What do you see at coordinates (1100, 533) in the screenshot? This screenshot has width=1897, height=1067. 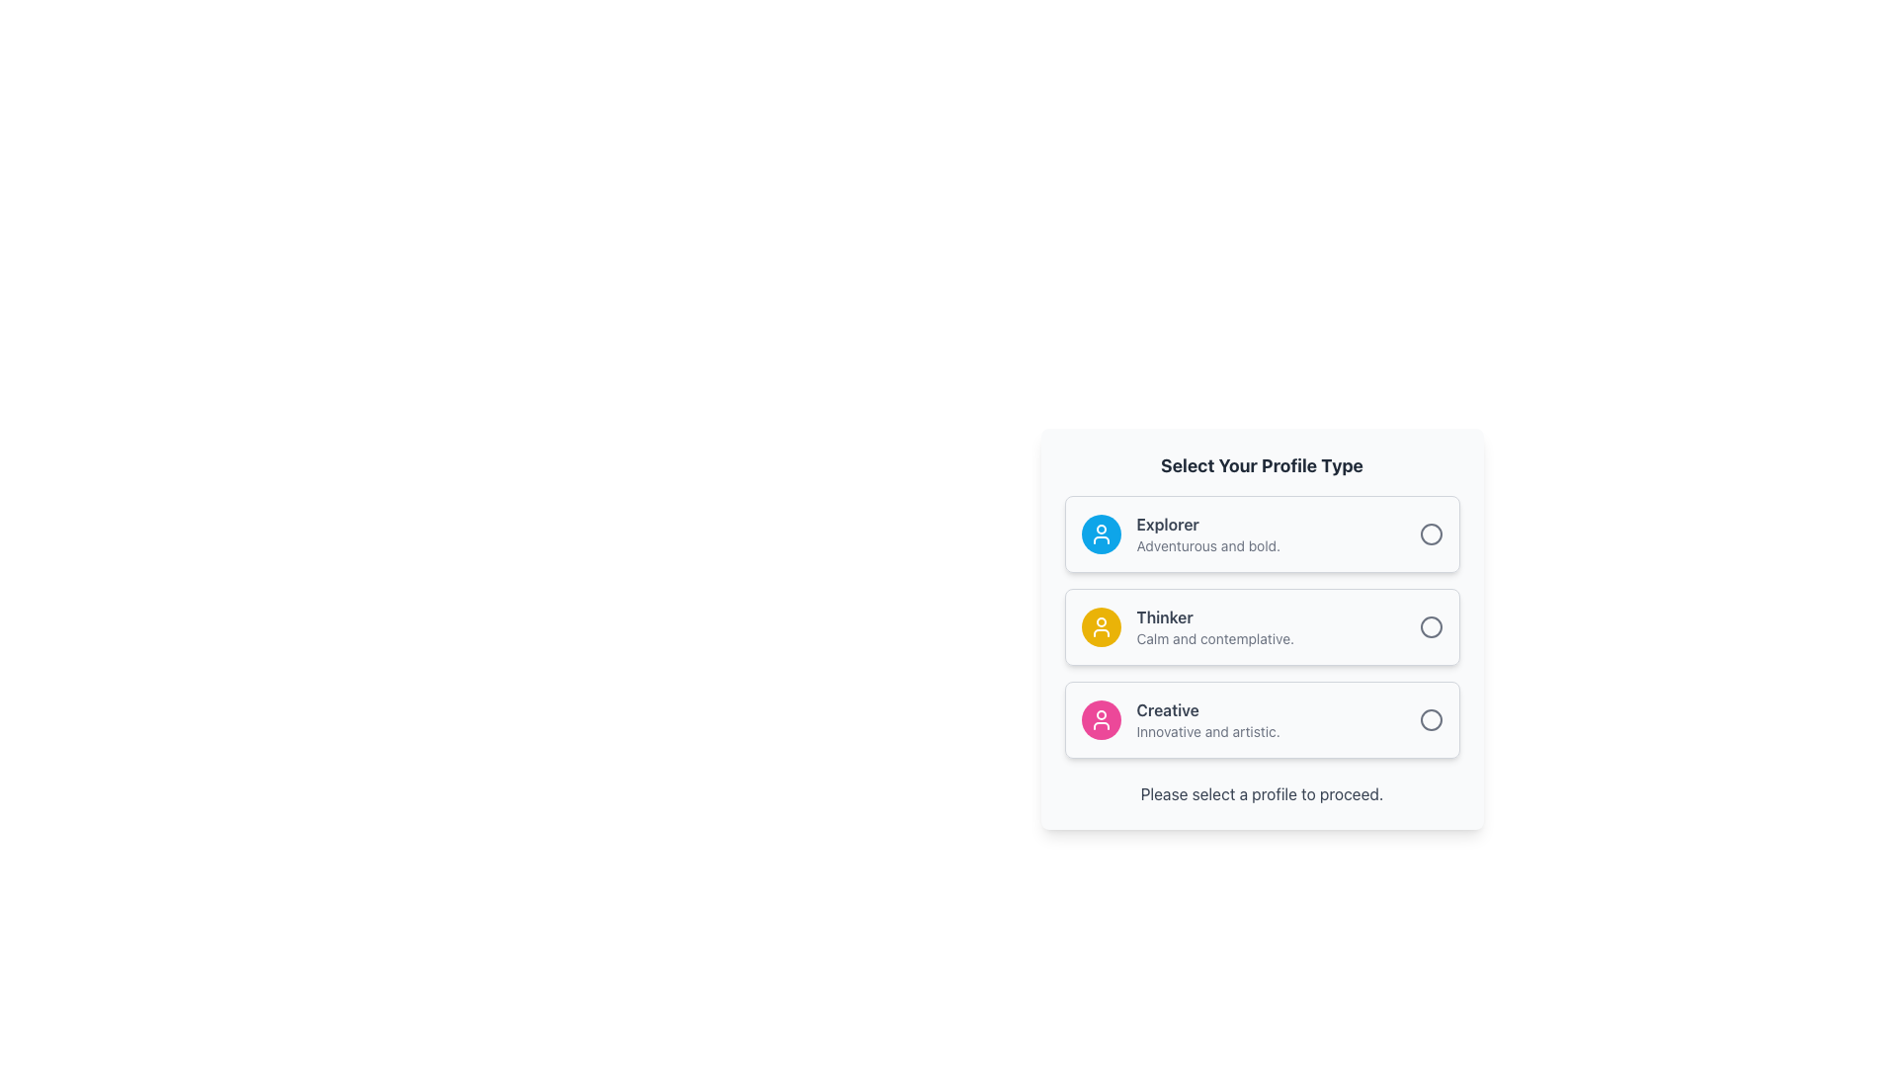 I see `the decorative indicator representing the 'Explorer' profile option, which is the leftmost component in the list of profile options` at bounding box center [1100, 533].